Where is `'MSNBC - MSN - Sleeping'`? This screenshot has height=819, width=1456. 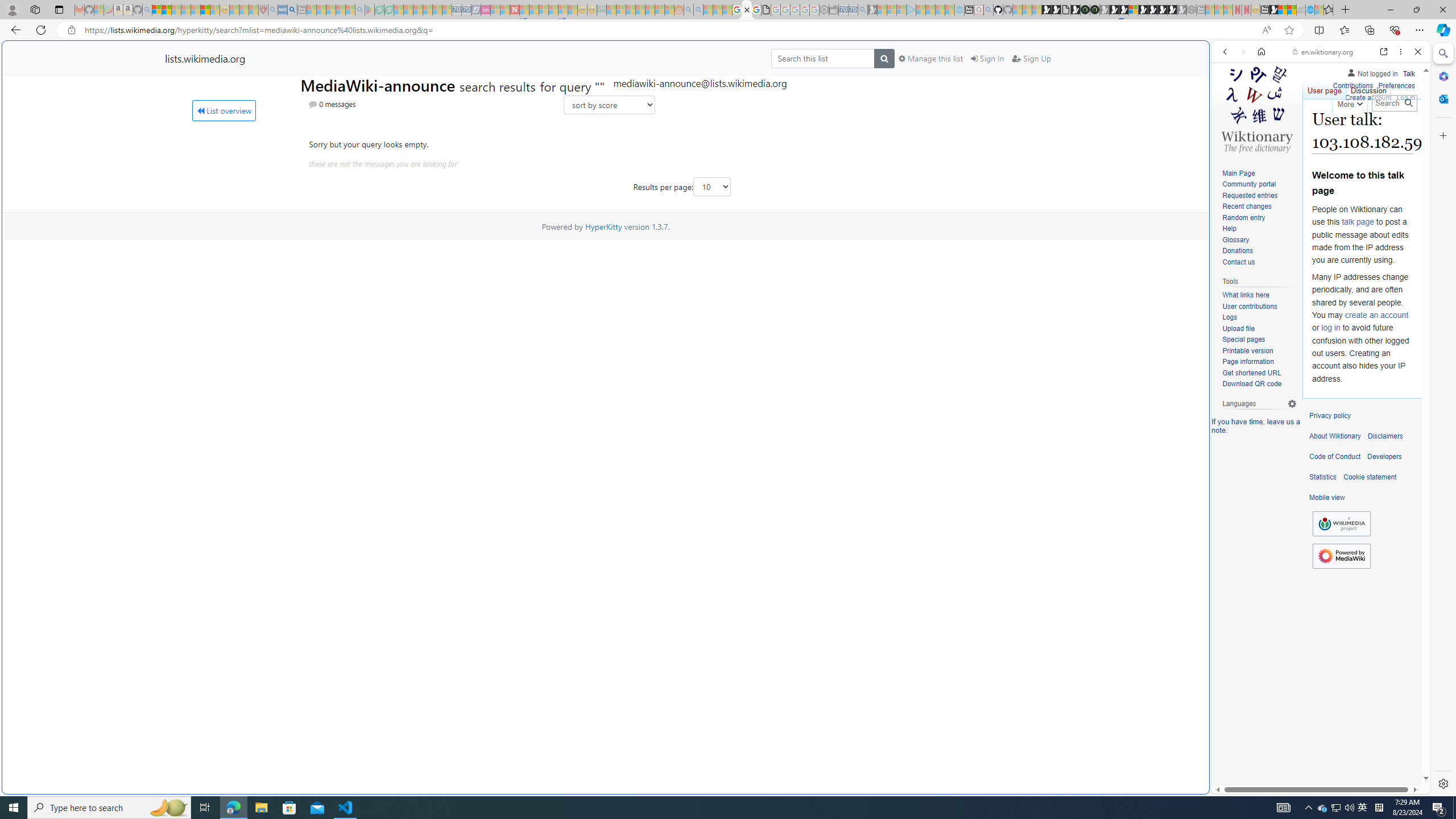 'MSNBC - MSN - Sleeping' is located at coordinates (611, 9).